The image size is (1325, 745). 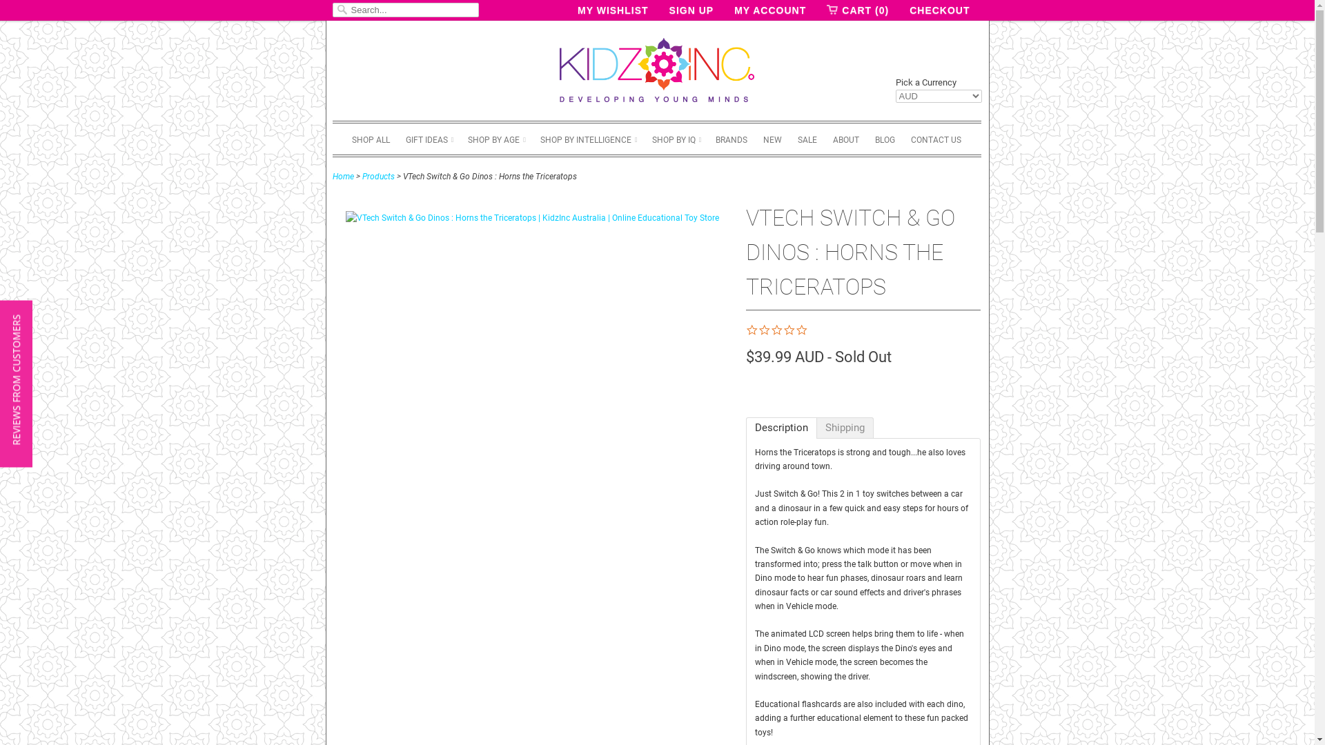 What do you see at coordinates (885, 139) in the screenshot?
I see `'BLOG'` at bounding box center [885, 139].